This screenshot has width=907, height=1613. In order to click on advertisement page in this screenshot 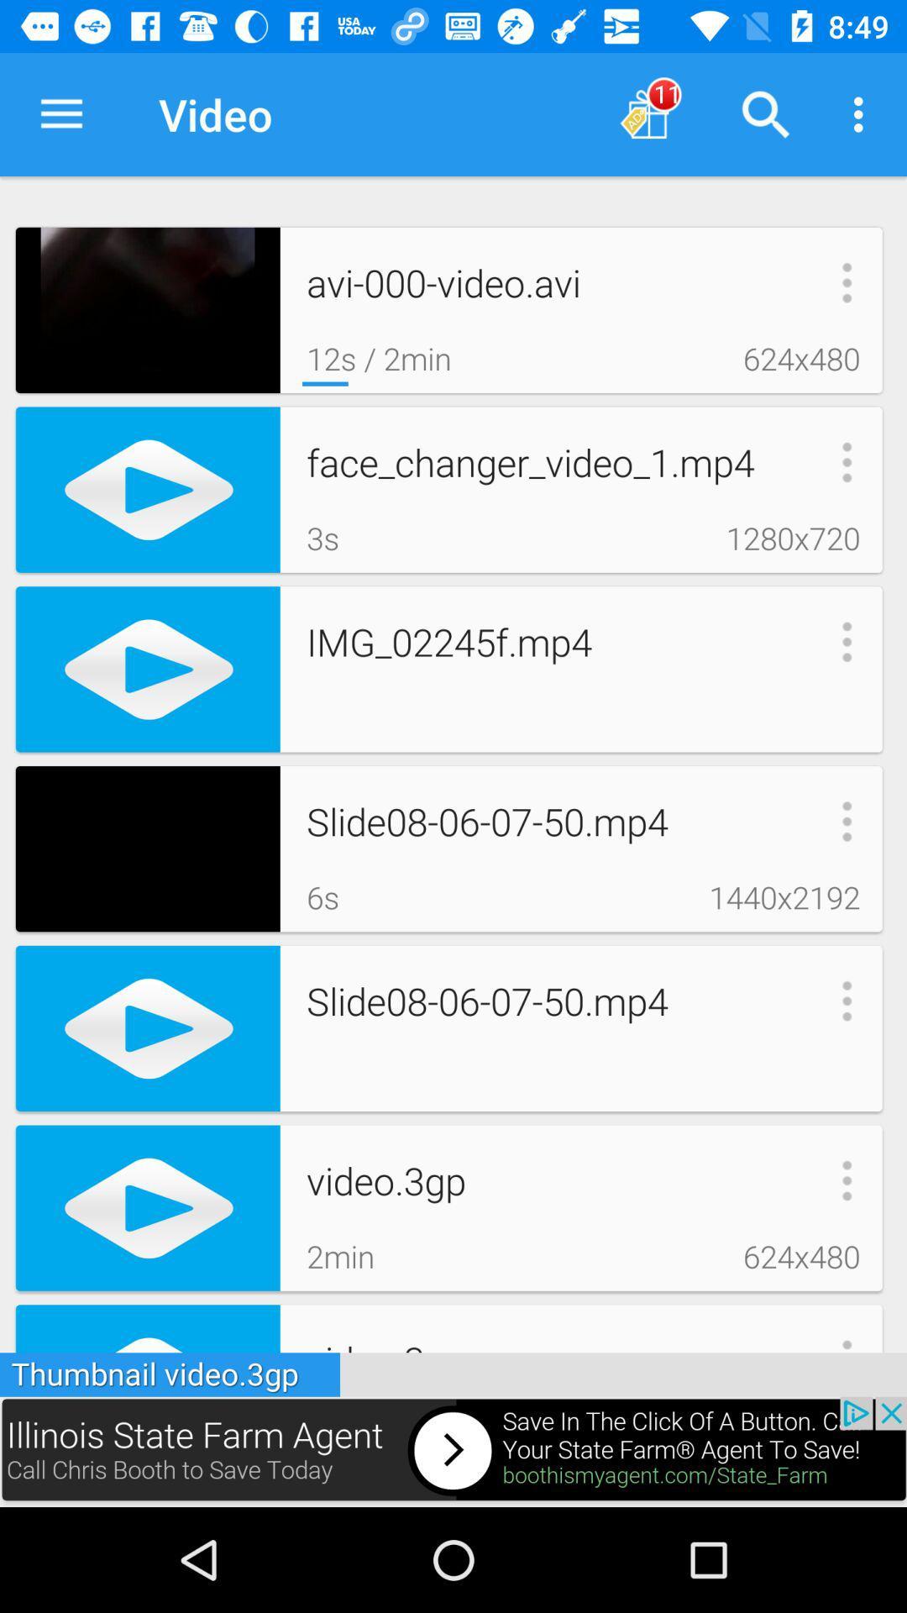, I will do `click(453, 1451)`.